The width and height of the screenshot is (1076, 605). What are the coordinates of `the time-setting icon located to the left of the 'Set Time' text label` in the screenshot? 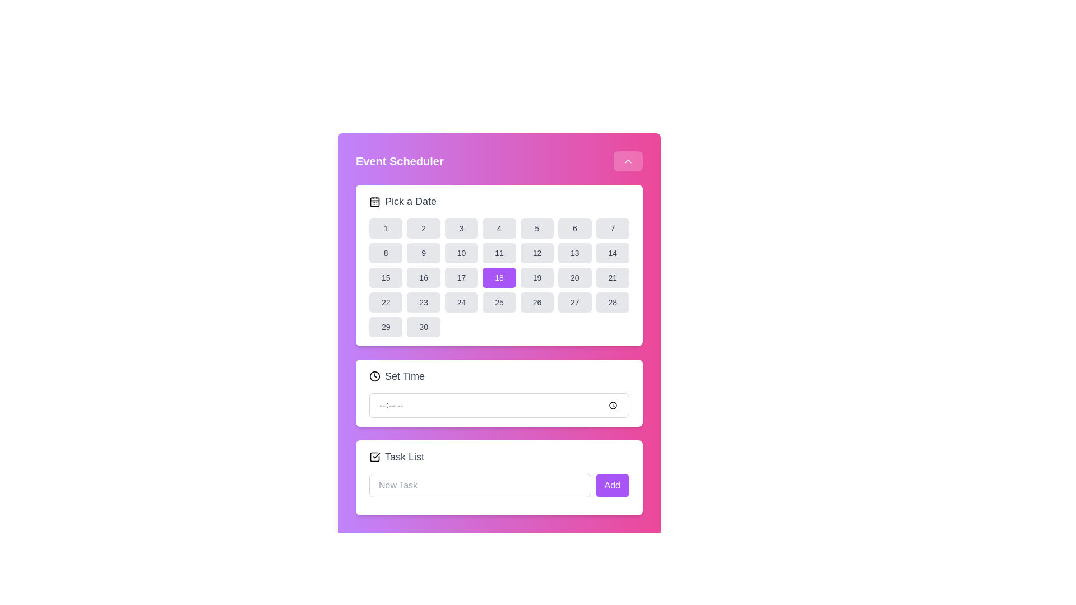 It's located at (374, 376).